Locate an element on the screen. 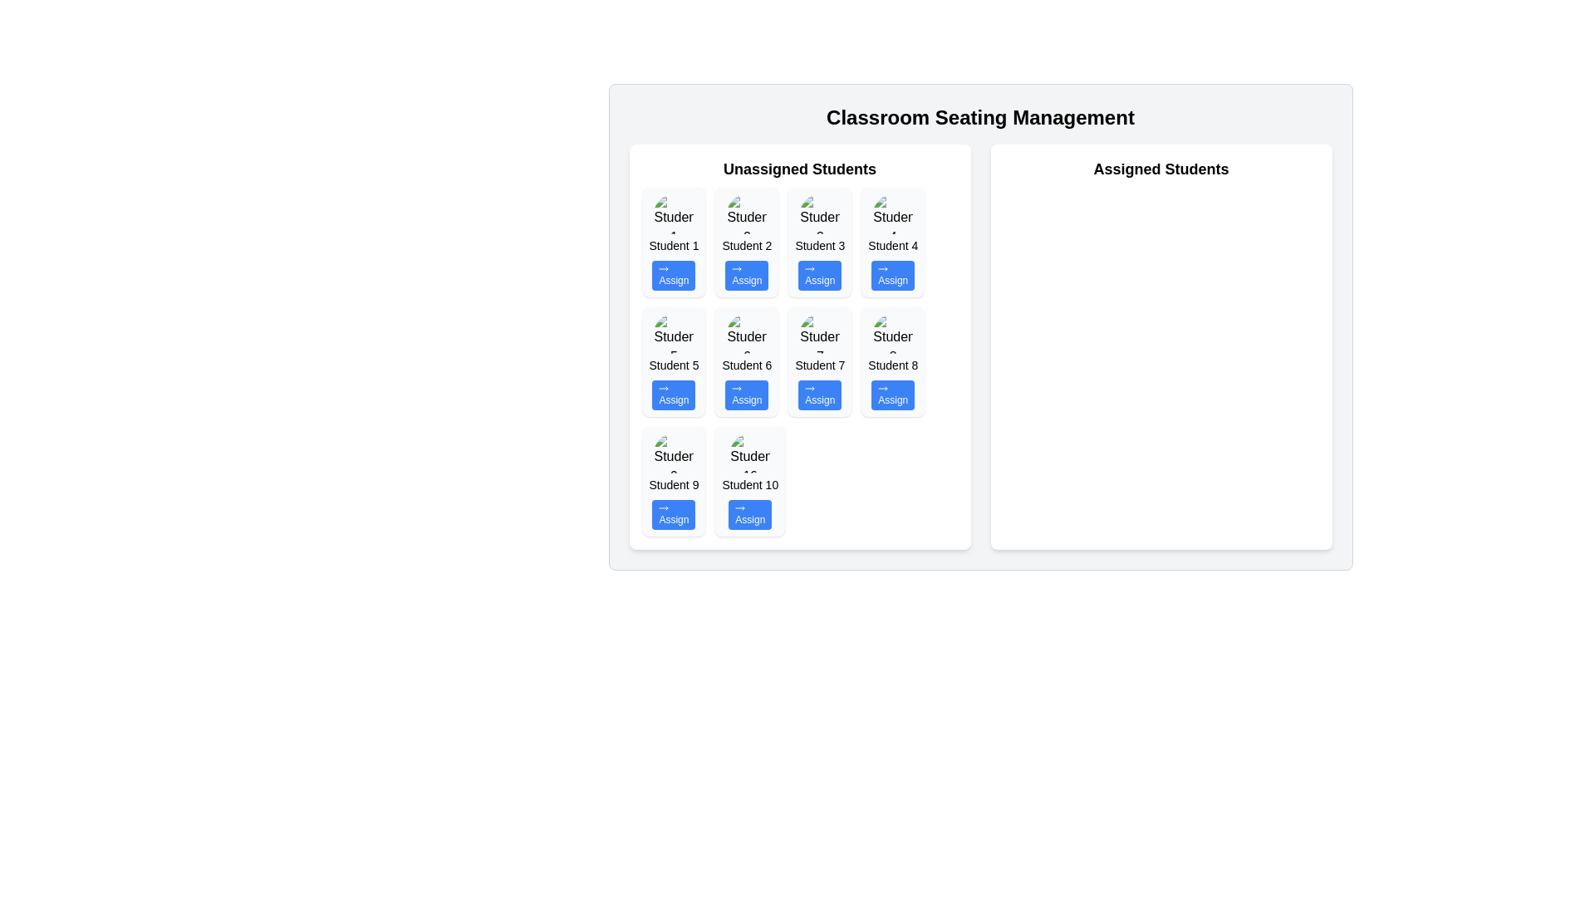 The width and height of the screenshot is (1595, 897). the button that allows users to reallocate 'Student 10', which is located below the student's avatar in the bottom-right corner of the 'Unassigned Students' section is located at coordinates (749, 514).